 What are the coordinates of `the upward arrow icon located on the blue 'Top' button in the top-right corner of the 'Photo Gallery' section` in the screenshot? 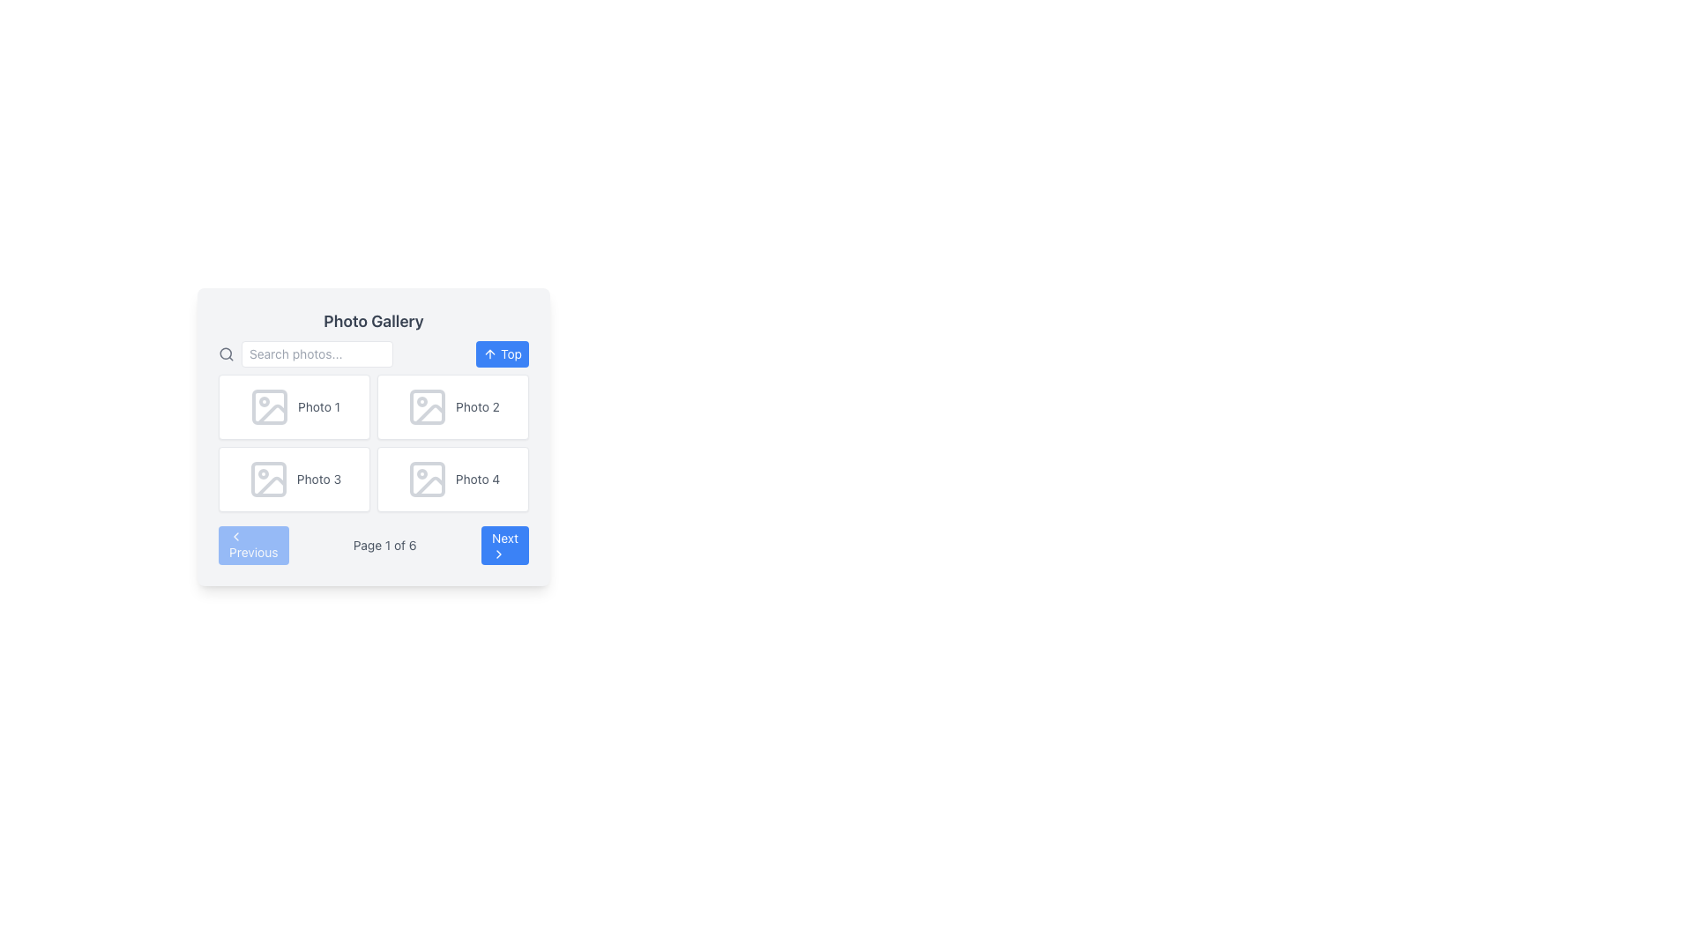 It's located at (490, 353).